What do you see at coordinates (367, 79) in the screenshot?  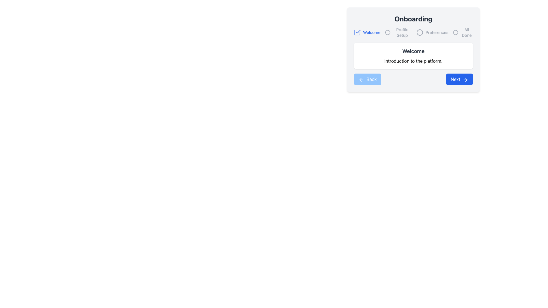 I see `the 'Back' button with a blue background and white text` at bounding box center [367, 79].